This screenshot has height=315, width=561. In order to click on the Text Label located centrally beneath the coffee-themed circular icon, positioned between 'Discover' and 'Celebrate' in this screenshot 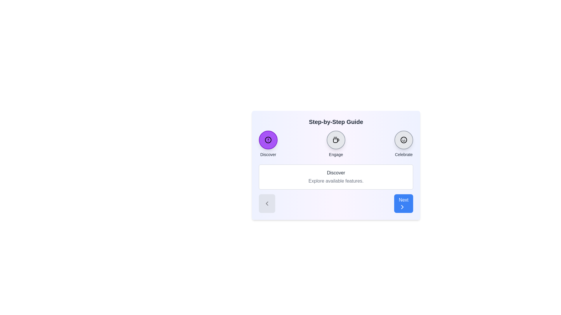, I will do `click(336, 154)`.